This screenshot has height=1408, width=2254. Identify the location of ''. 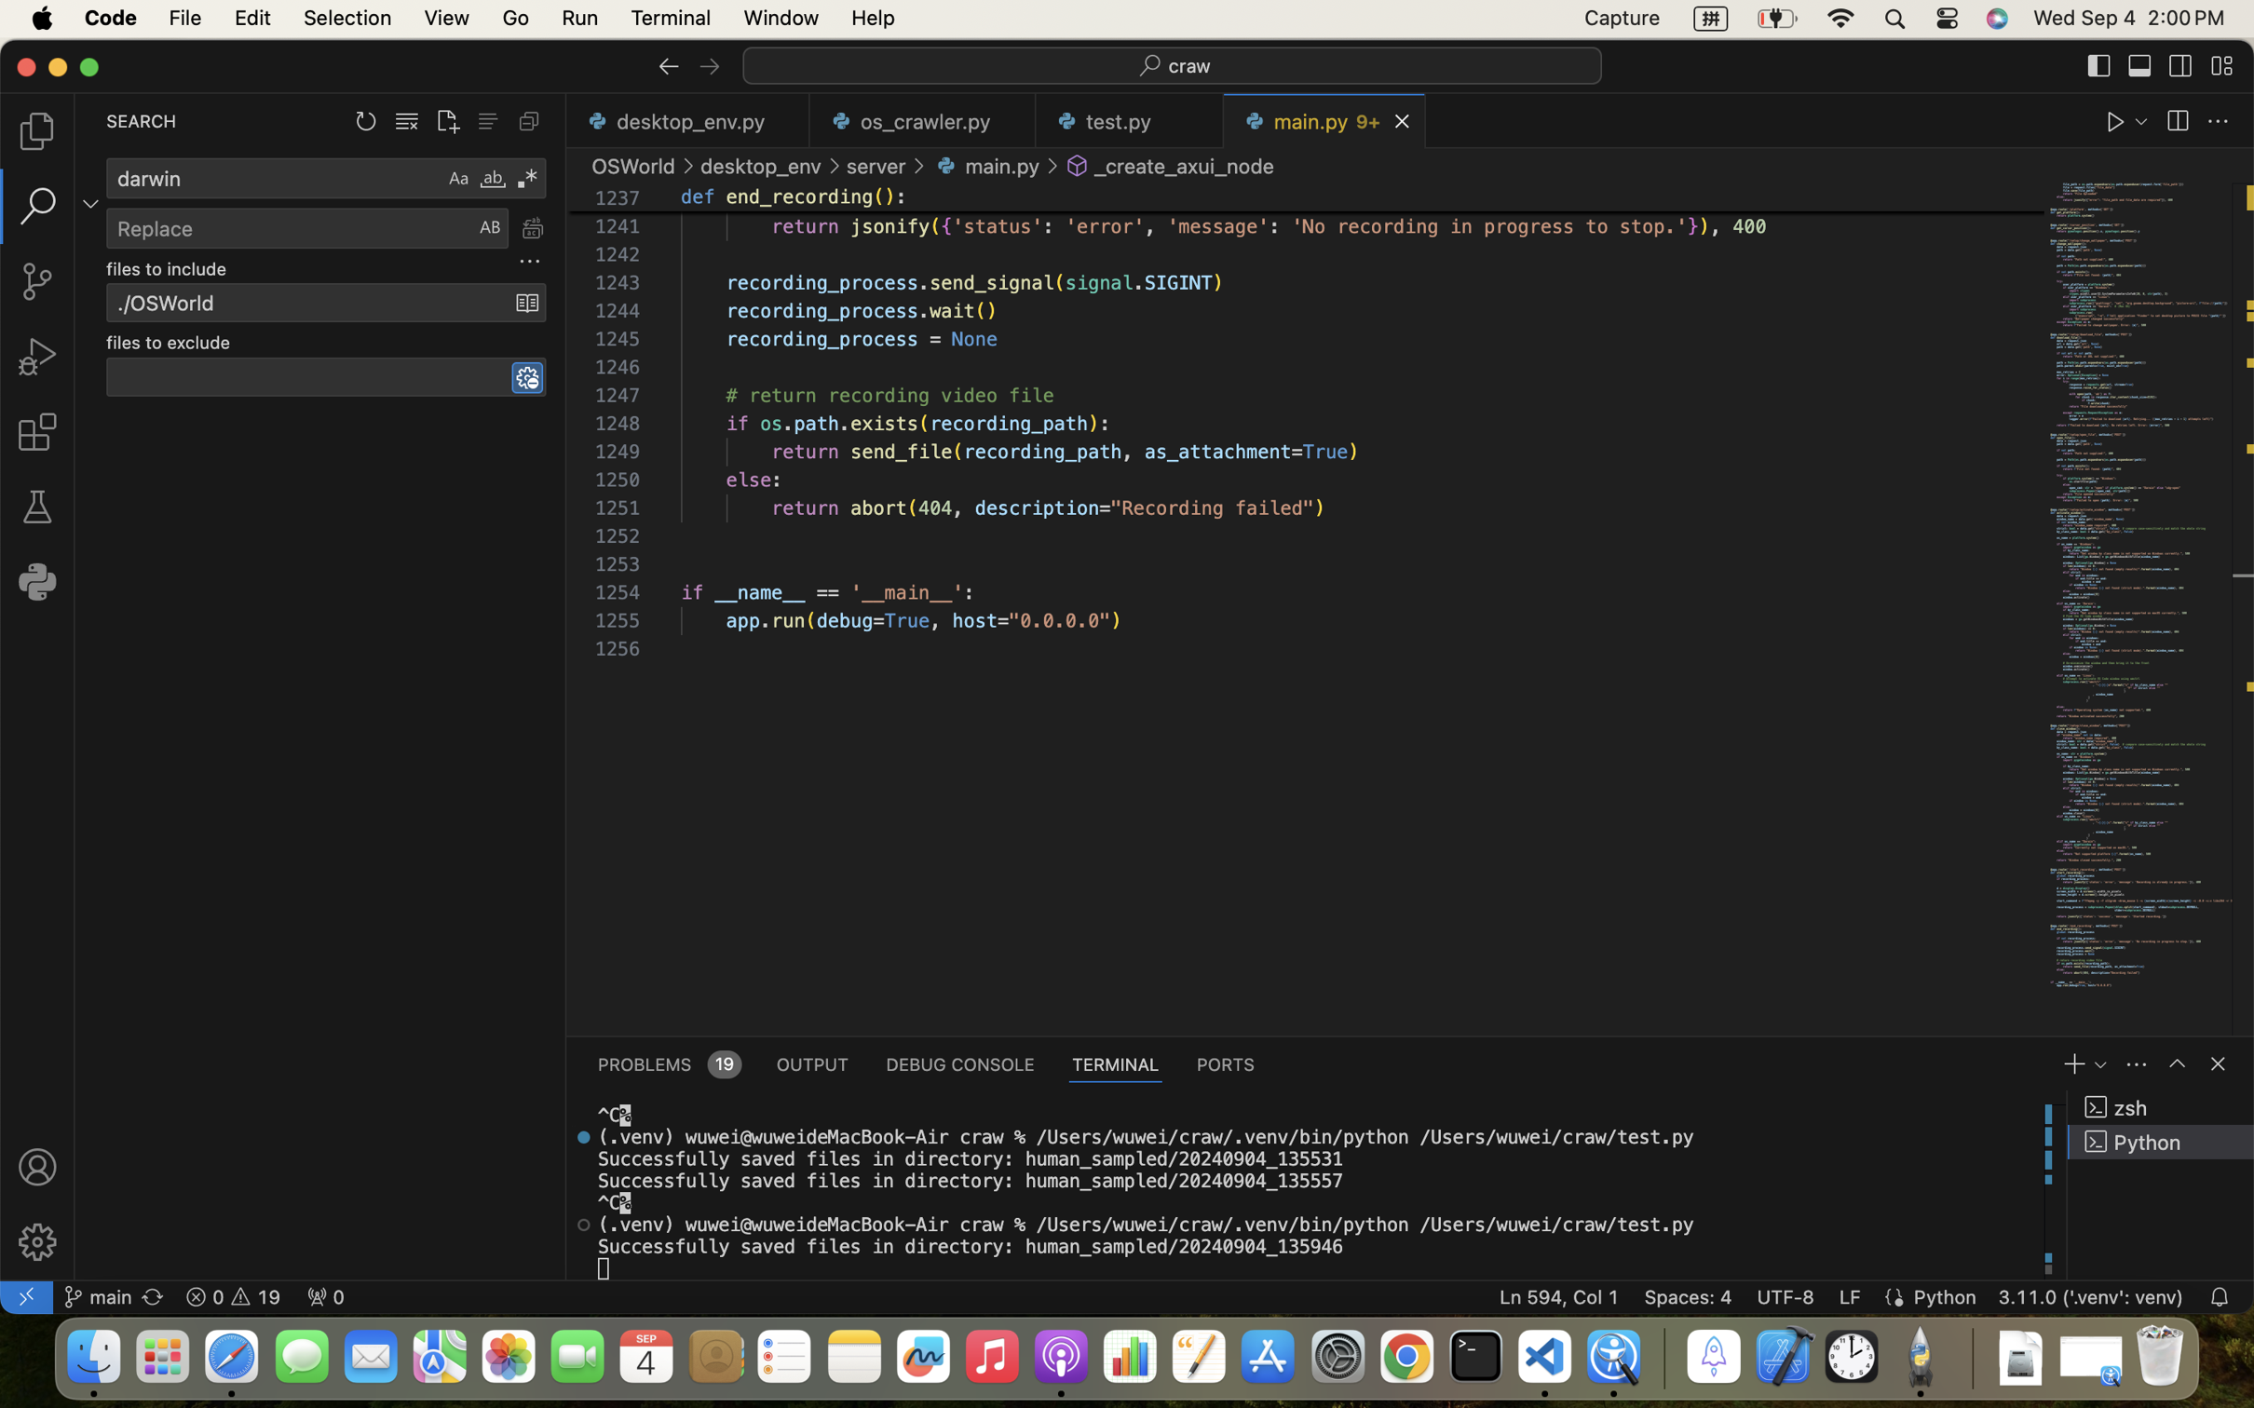
(2222, 65).